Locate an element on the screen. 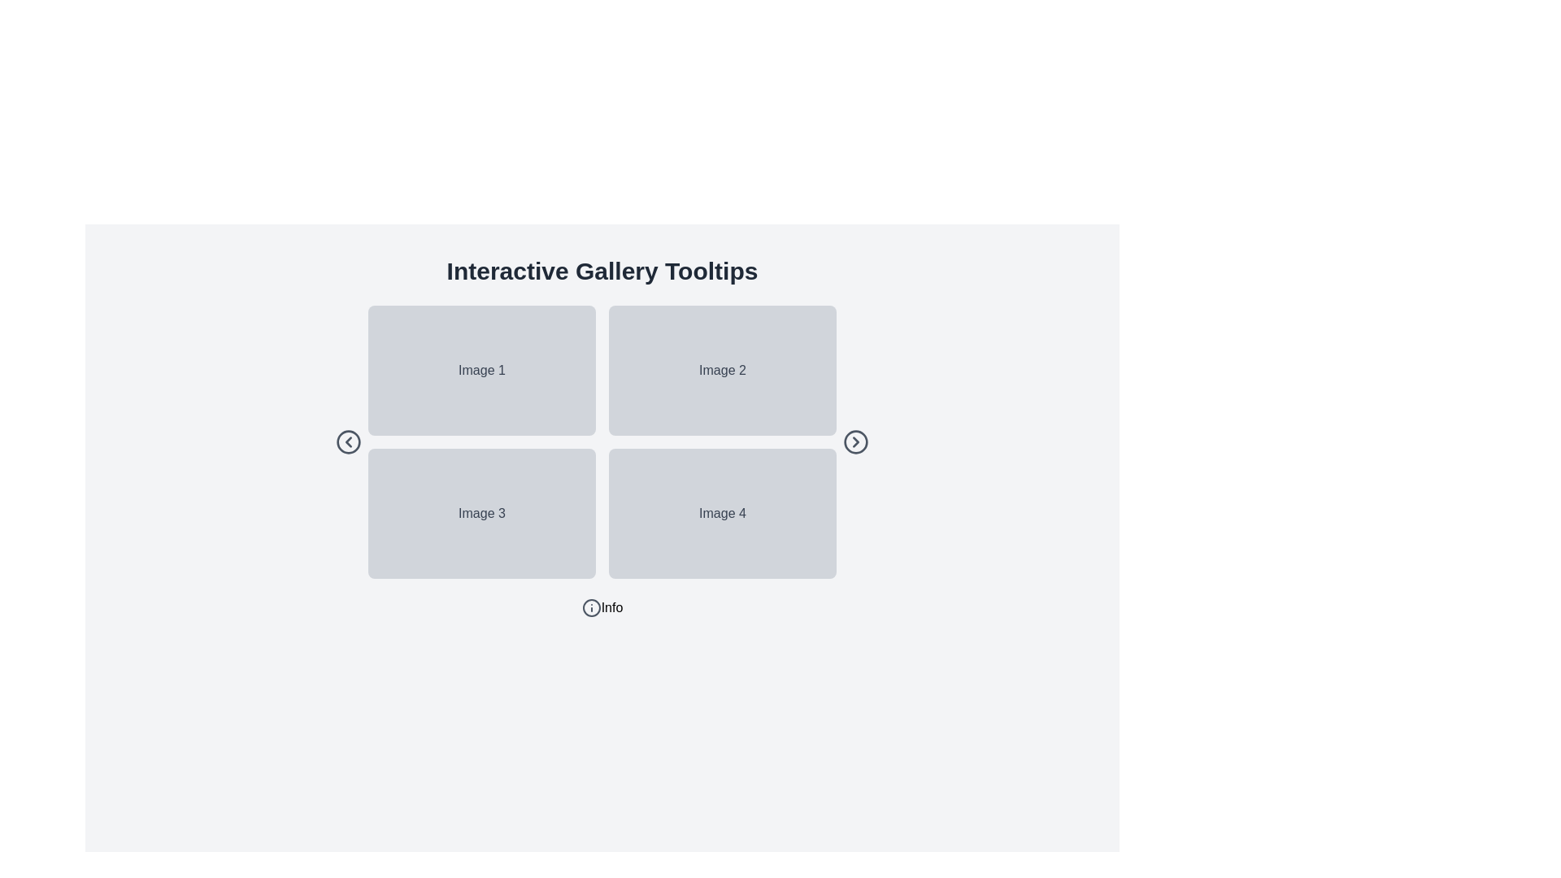  the text label displaying 'Image 1' which is styled with a medium gray font and is centered within a light gray background is located at coordinates (480, 370).